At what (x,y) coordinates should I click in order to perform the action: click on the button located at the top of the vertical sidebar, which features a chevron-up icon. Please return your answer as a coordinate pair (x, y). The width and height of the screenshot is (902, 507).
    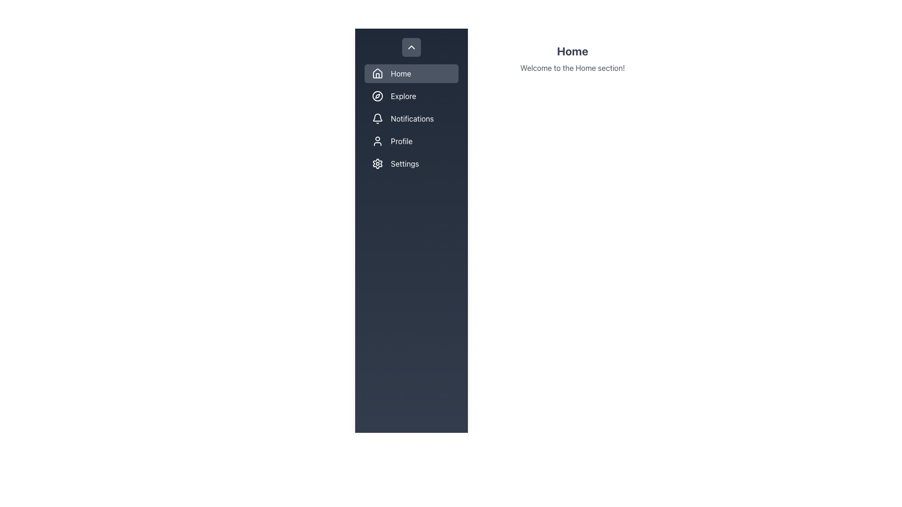
    Looking at the image, I should click on (411, 47).